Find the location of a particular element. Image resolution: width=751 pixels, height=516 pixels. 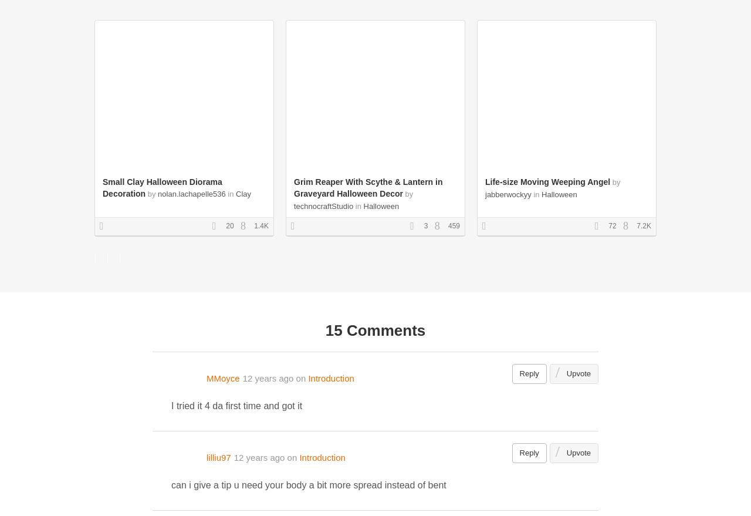

'technocraftStudio' is located at coordinates (323, 205).